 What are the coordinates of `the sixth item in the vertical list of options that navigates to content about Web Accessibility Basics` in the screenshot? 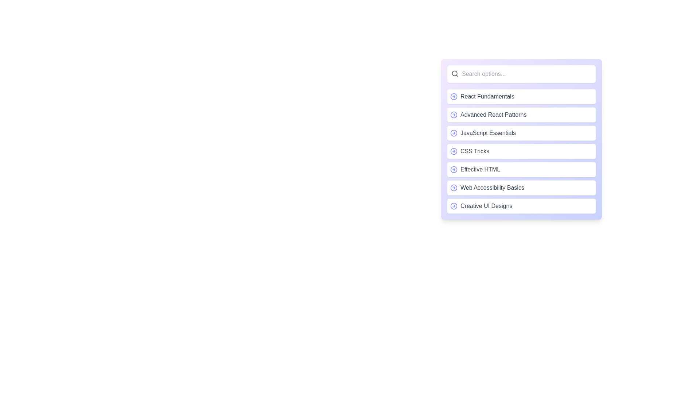 It's located at (521, 188).